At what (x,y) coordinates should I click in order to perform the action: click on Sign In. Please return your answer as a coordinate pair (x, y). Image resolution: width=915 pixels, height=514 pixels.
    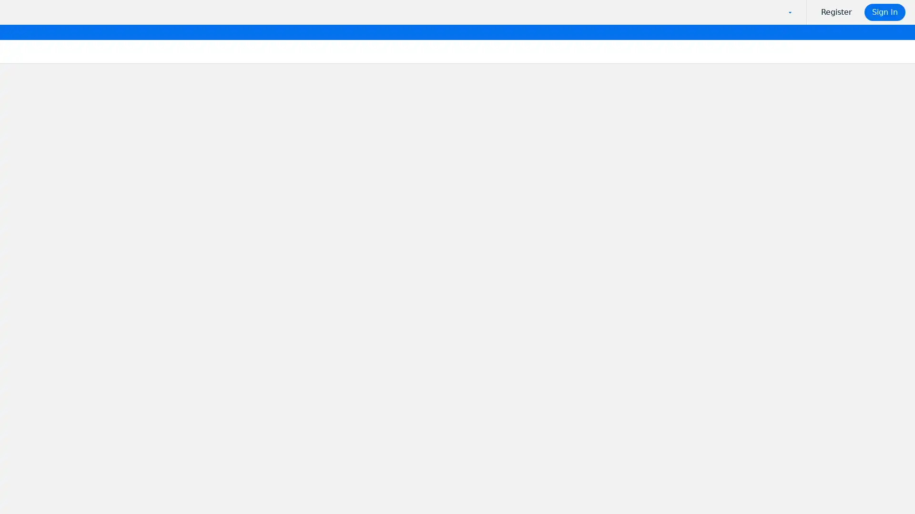
    Looking at the image, I should click on (885, 12).